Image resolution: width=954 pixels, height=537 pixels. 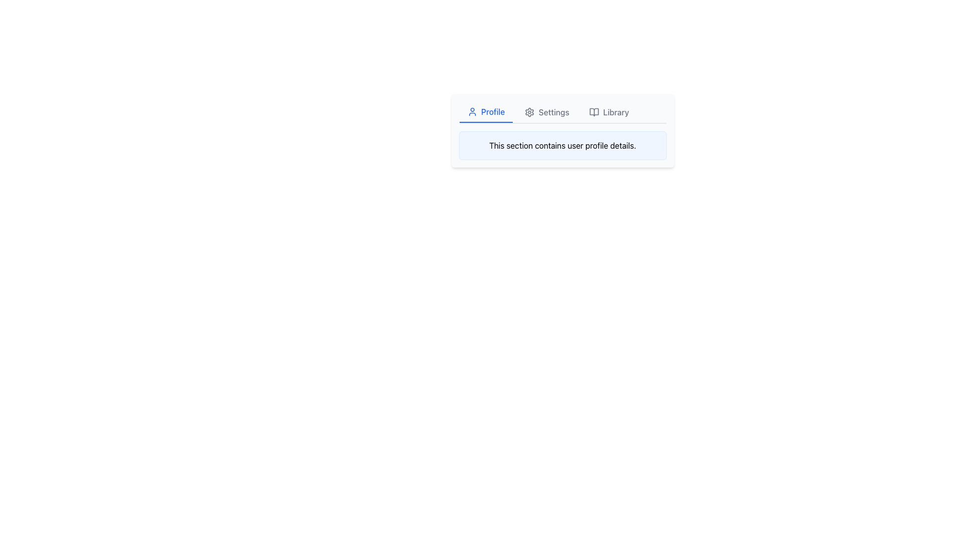 What do you see at coordinates (594, 112) in the screenshot?
I see `the small open book icon located in the third tab labeled 'Library', which is positioned immediately to the left of the 'Library' text in the top-right section of the interface` at bounding box center [594, 112].